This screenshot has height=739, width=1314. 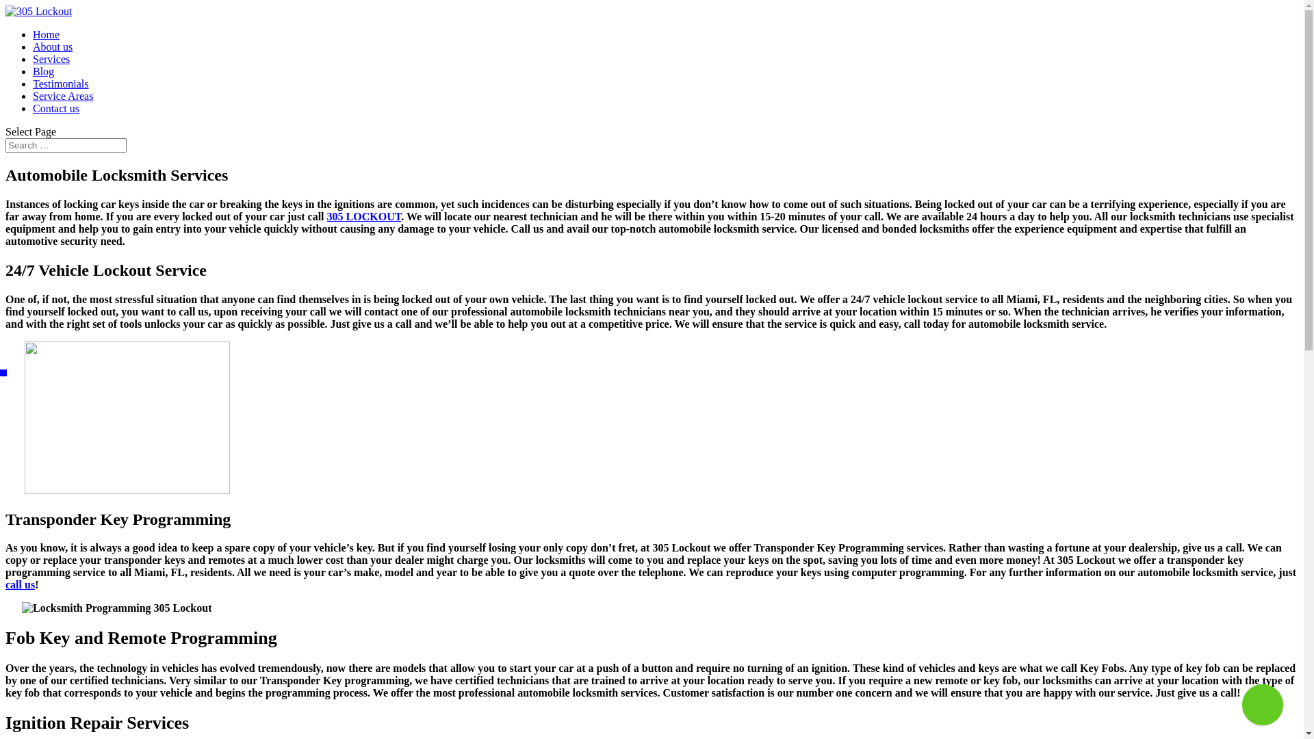 What do you see at coordinates (52, 46) in the screenshot?
I see `'About us'` at bounding box center [52, 46].